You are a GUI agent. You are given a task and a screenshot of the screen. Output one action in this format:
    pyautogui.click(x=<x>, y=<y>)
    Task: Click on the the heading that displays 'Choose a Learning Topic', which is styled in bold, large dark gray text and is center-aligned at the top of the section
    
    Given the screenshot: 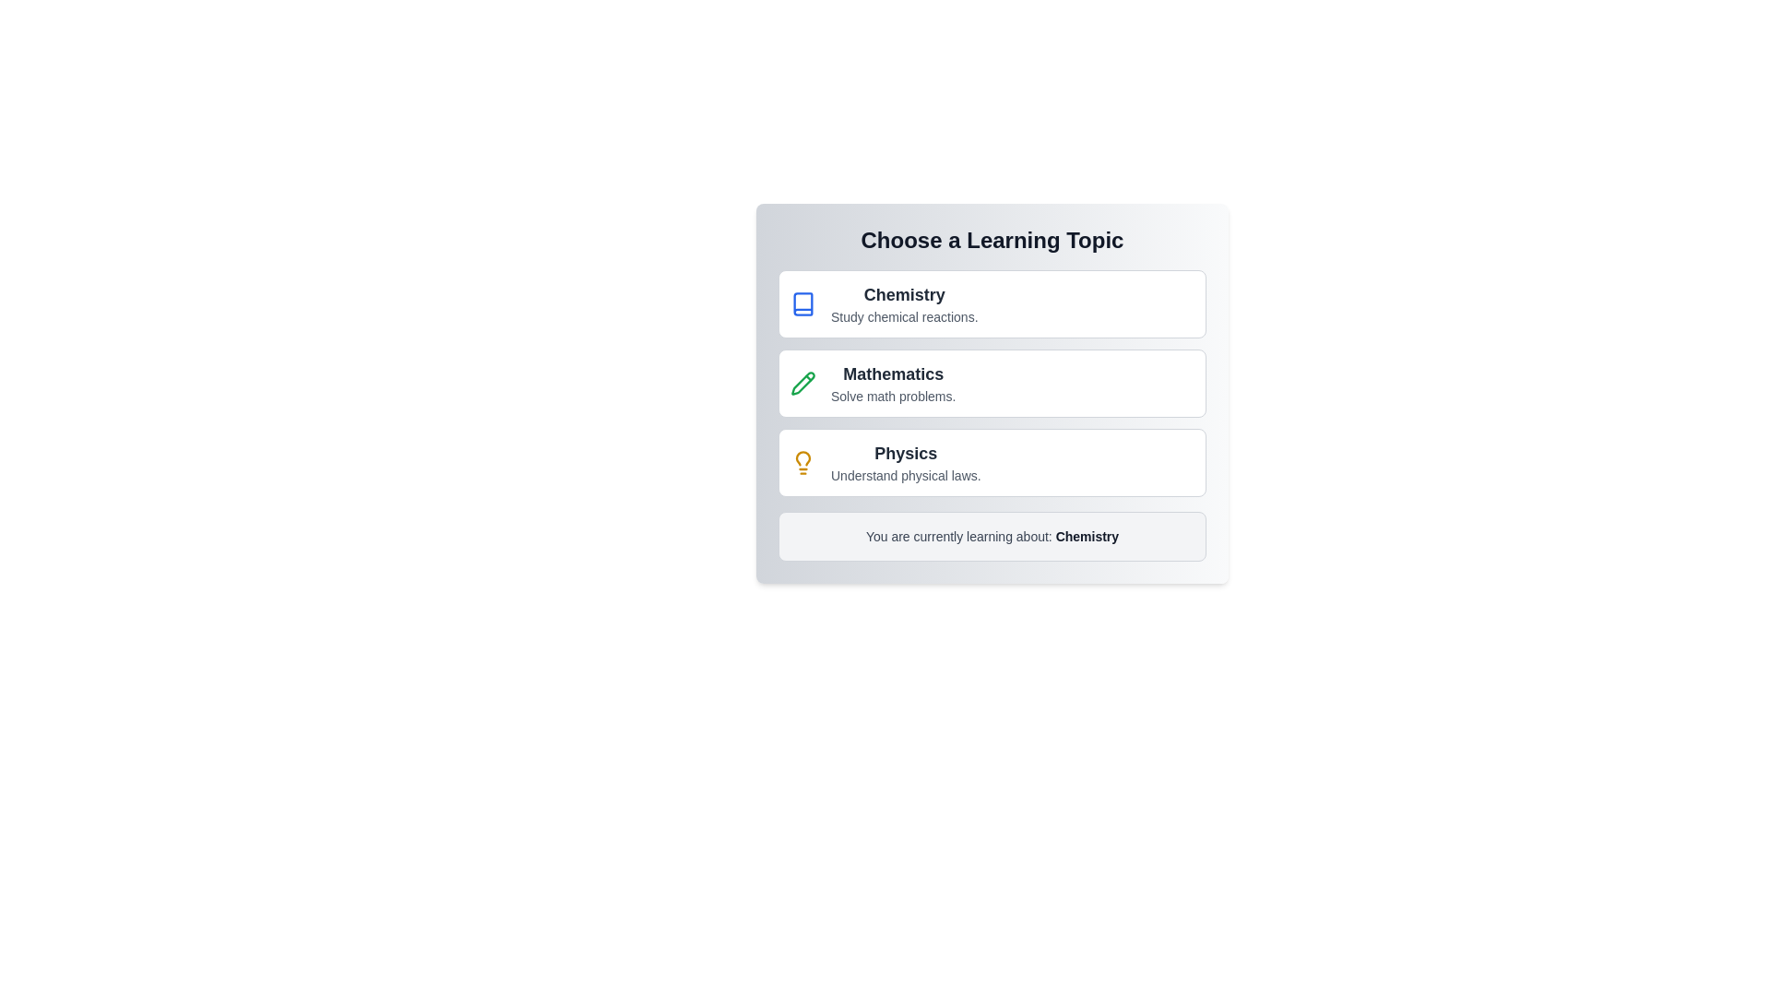 What is the action you would take?
    pyautogui.click(x=991, y=240)
    